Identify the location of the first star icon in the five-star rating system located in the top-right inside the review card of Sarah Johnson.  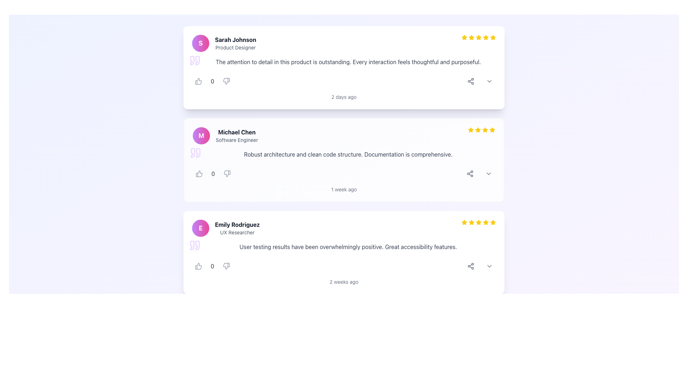
(464, 37).